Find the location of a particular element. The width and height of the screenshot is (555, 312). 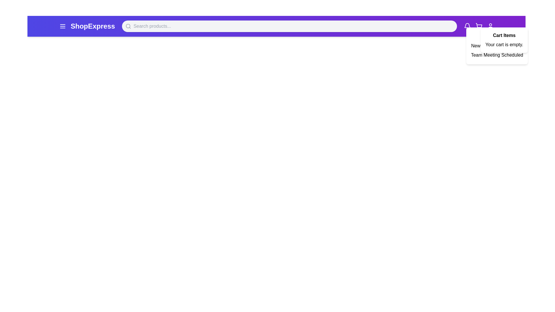

the cart icon to toggle the cart display is located at coordinates (479, 26).